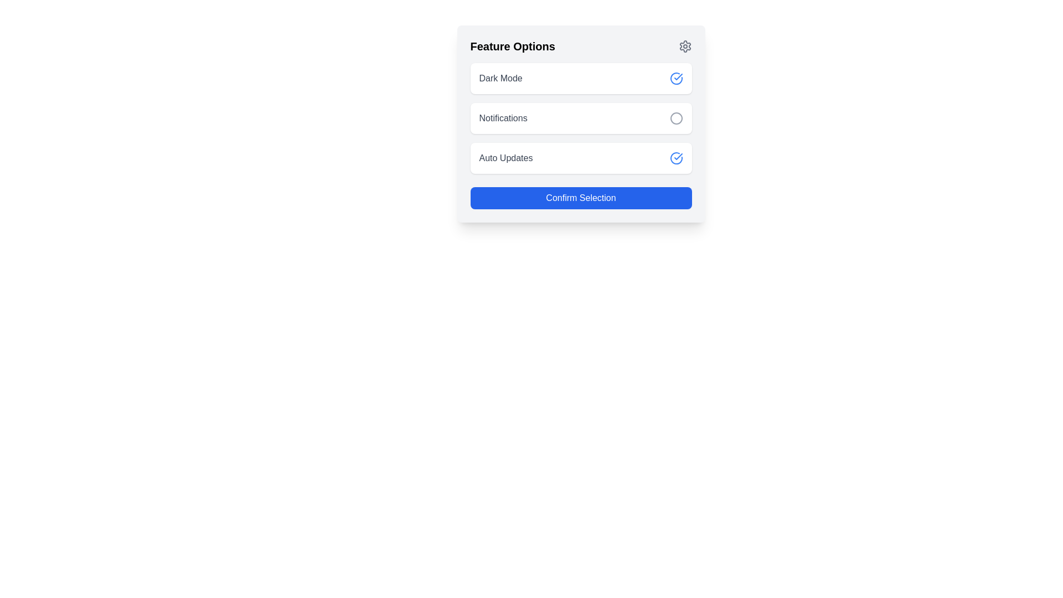 This screenshot has width=1063, height=598. Describe the element at coordinates (684, 46) in the screenshot. I see `the settings button located at the top-right corner of the 'Feature Options' section` at that location.